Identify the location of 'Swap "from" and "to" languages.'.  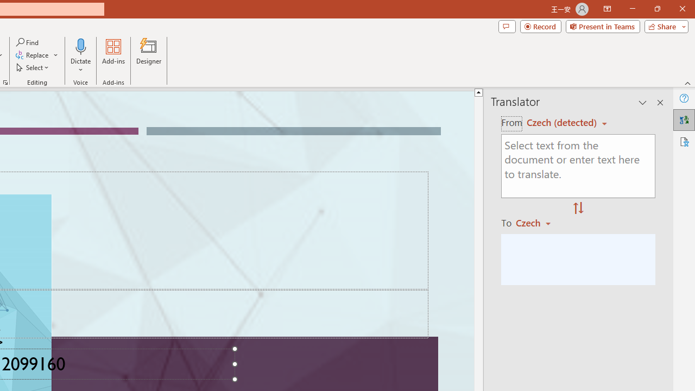
(578, 209).